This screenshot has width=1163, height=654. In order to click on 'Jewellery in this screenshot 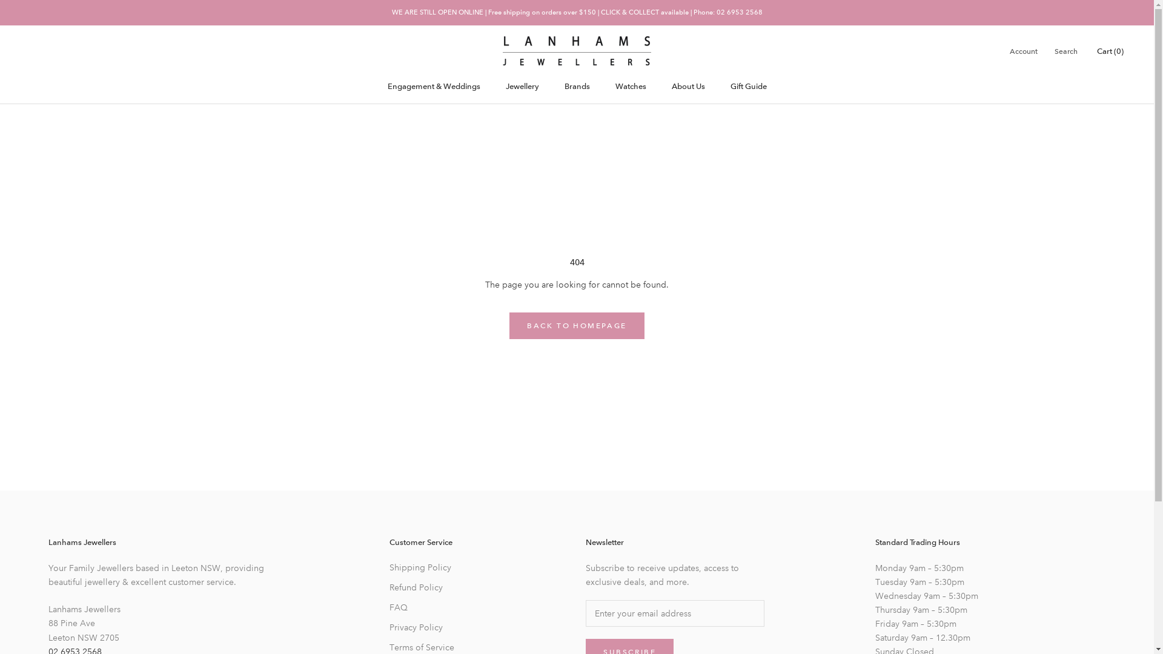, I will do `click(522, 85)`.